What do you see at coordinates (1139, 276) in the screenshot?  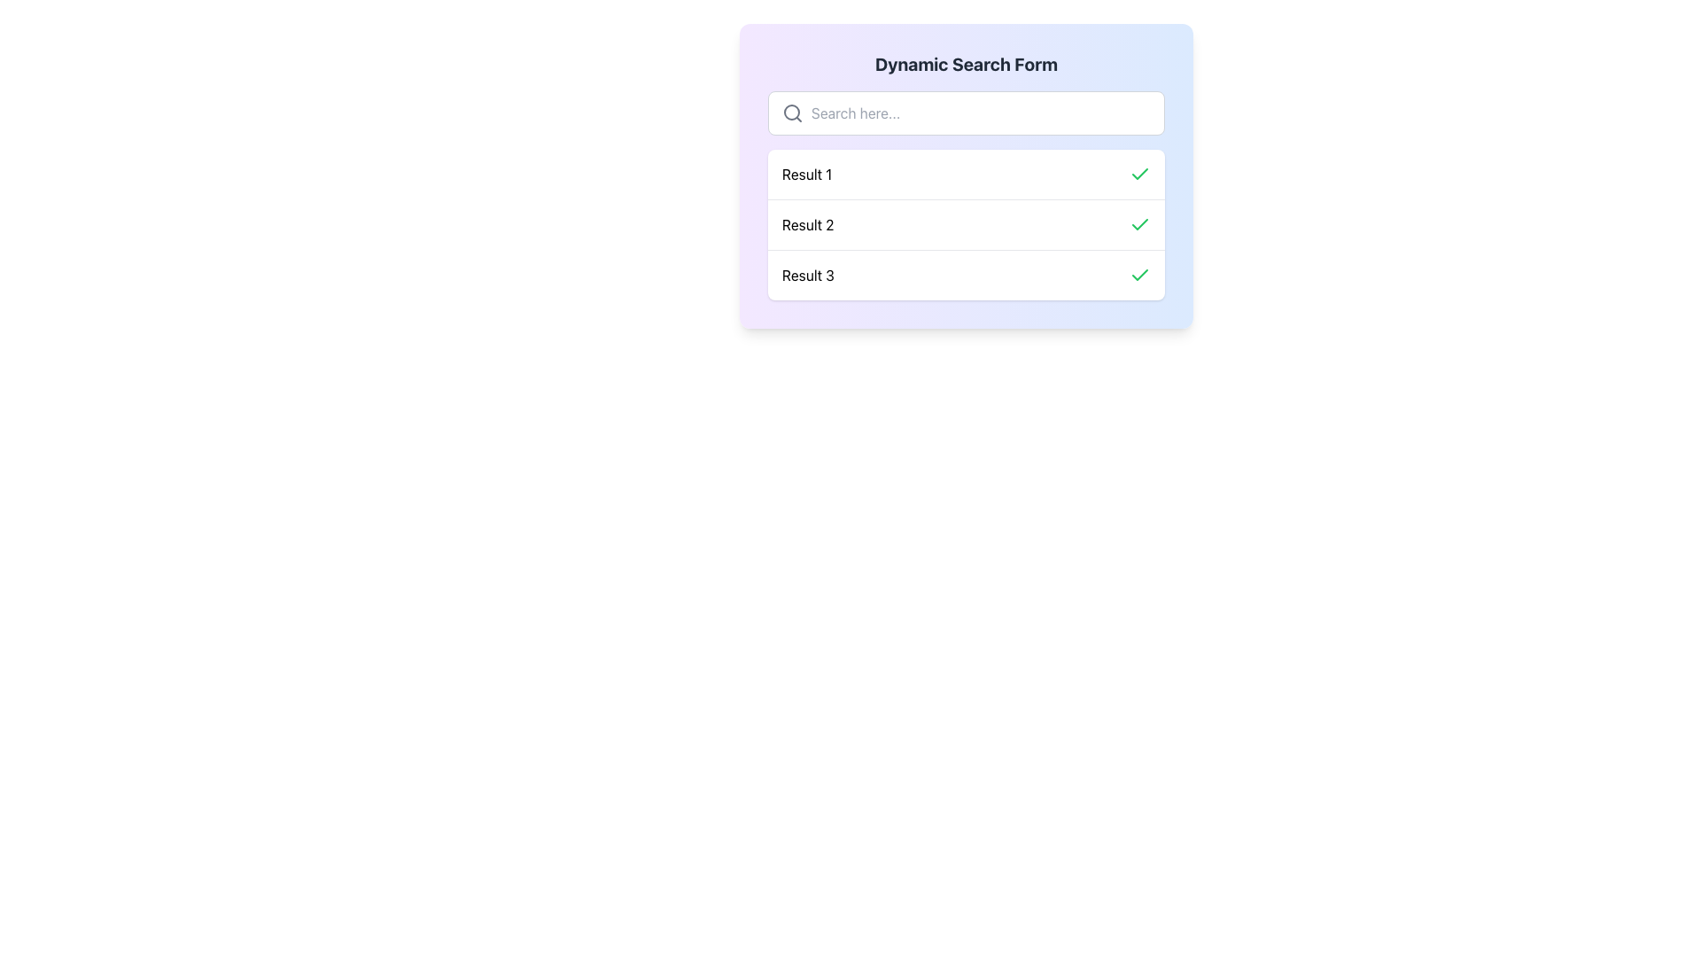 I see `the validation icon located on the far-right side of the 'Result 3' entry` at bounding box center [1139, 276].